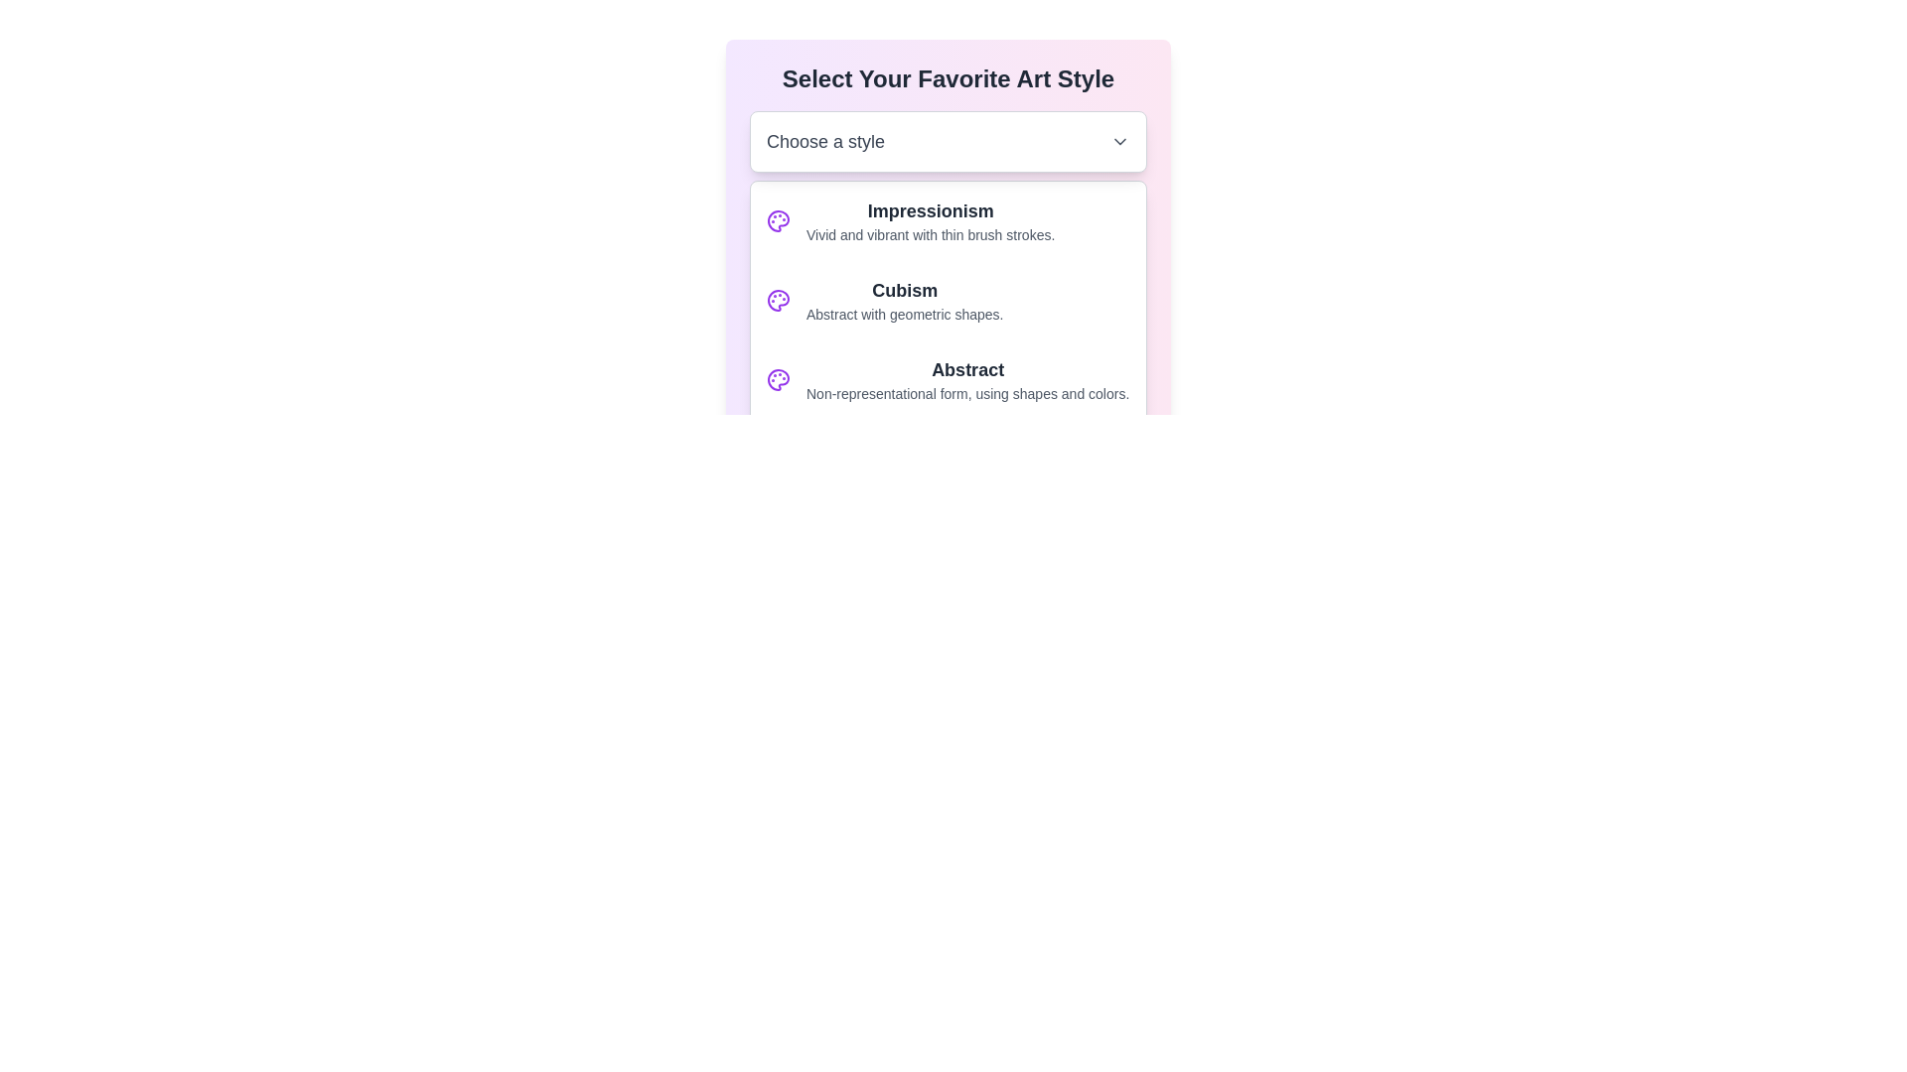 This screenshot has width=1907, height=1072. Describe the element at coordinates (777, 221) in the screenshot. I see `the painter's palette icon located to the left of the 'Impressionism' text under the 'Select Your Favorite Art Style' section` at that location.